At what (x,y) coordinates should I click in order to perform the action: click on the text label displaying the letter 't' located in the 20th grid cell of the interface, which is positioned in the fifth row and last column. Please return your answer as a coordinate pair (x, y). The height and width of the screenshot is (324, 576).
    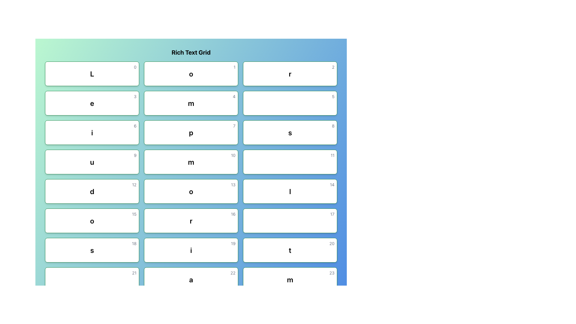
    Looking at the image, I should click on (290, 250).